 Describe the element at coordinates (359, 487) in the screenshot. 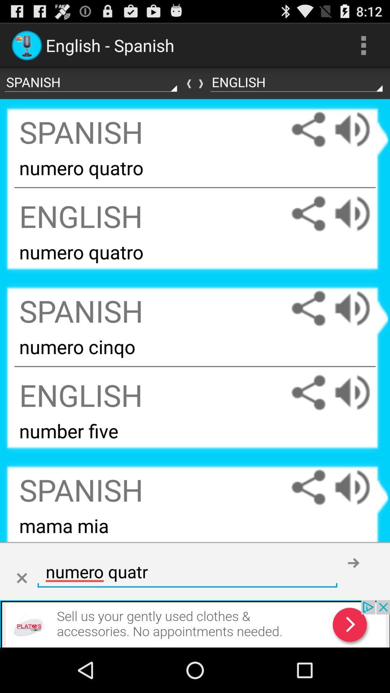

I see `hear the word` at that location.